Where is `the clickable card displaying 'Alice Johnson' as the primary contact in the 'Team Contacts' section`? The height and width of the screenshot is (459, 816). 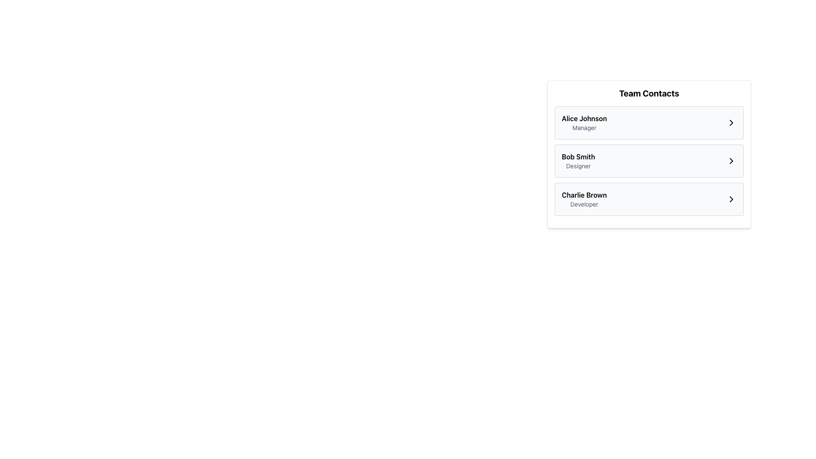
the clickable card displaying 'Alice Johnson' as the primary contact in the 'Team Contacts' section is located at coordinates (649, 123).